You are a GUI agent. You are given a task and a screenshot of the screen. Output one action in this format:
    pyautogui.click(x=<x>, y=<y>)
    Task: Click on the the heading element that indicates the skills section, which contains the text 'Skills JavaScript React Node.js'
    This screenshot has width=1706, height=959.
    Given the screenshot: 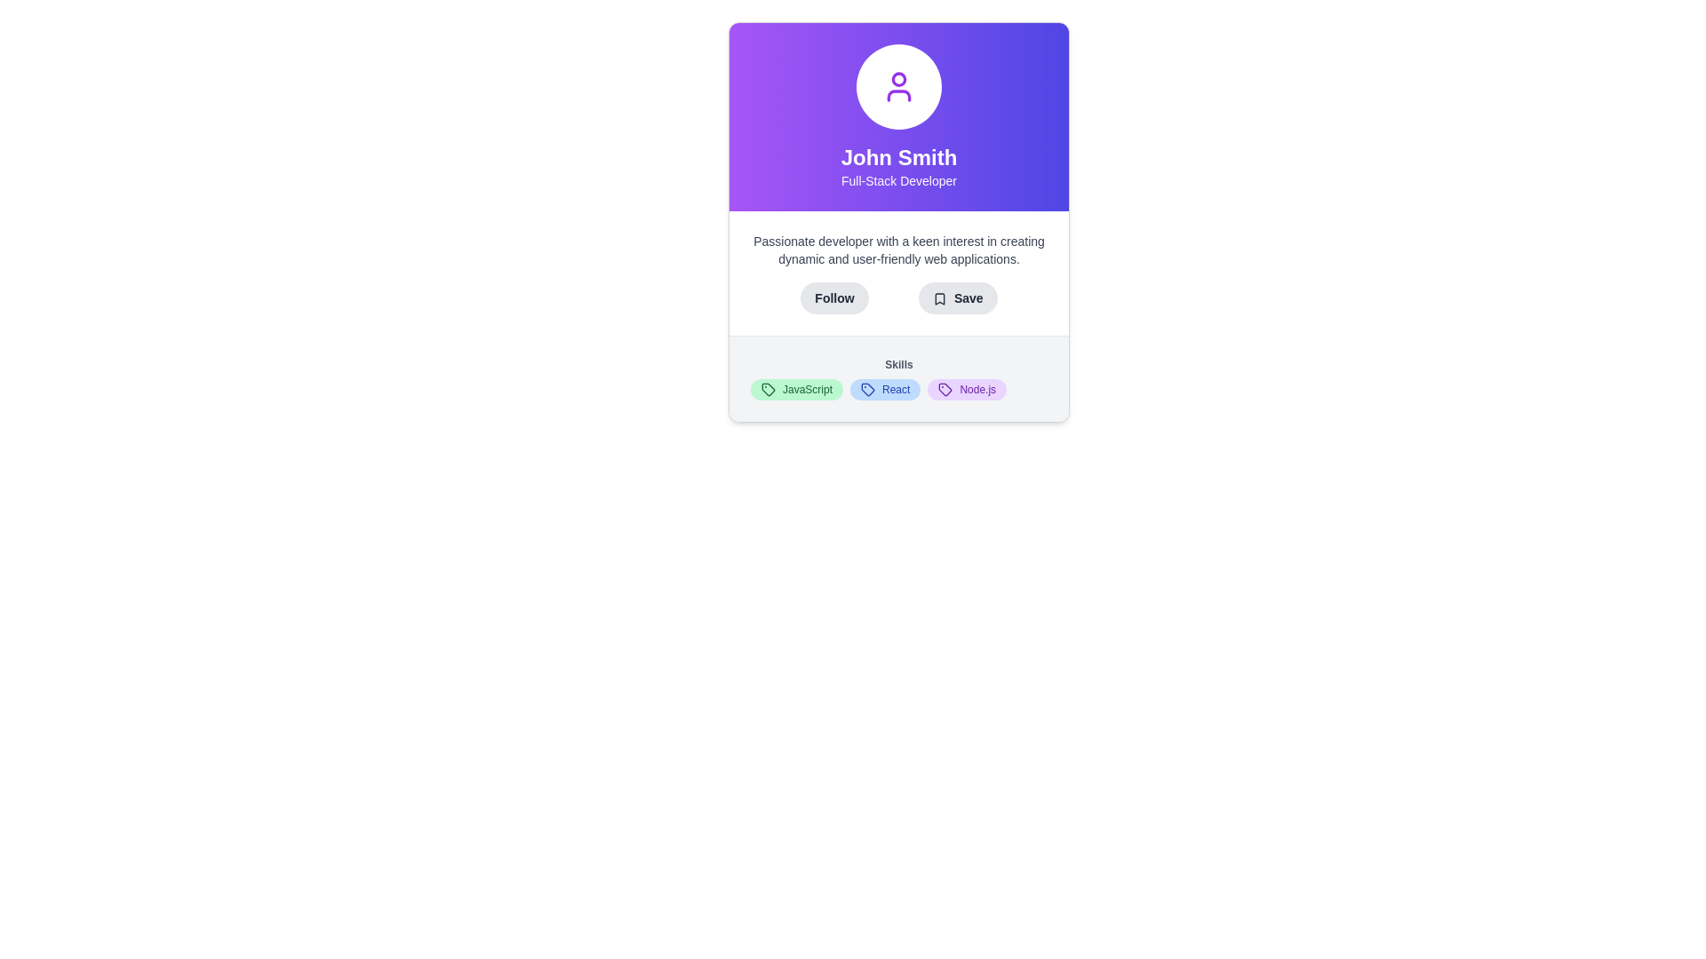 What is the action you would take?
    pyautogui.click(x=899, y=364)
    